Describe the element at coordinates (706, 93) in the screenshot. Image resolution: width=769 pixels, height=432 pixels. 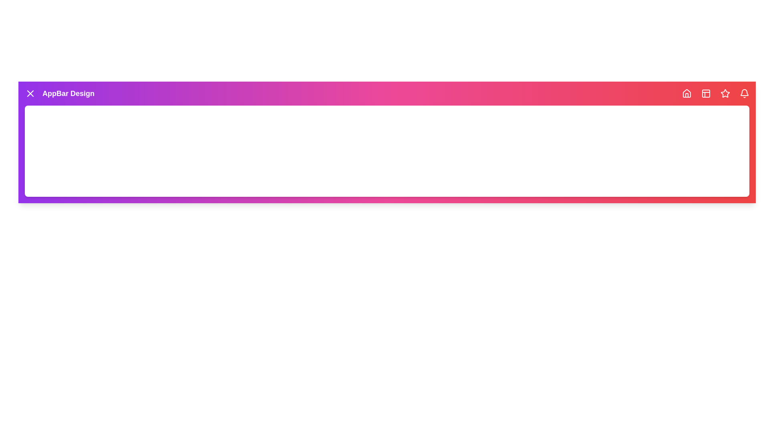
I see `the navigation icon Layout` at that location.